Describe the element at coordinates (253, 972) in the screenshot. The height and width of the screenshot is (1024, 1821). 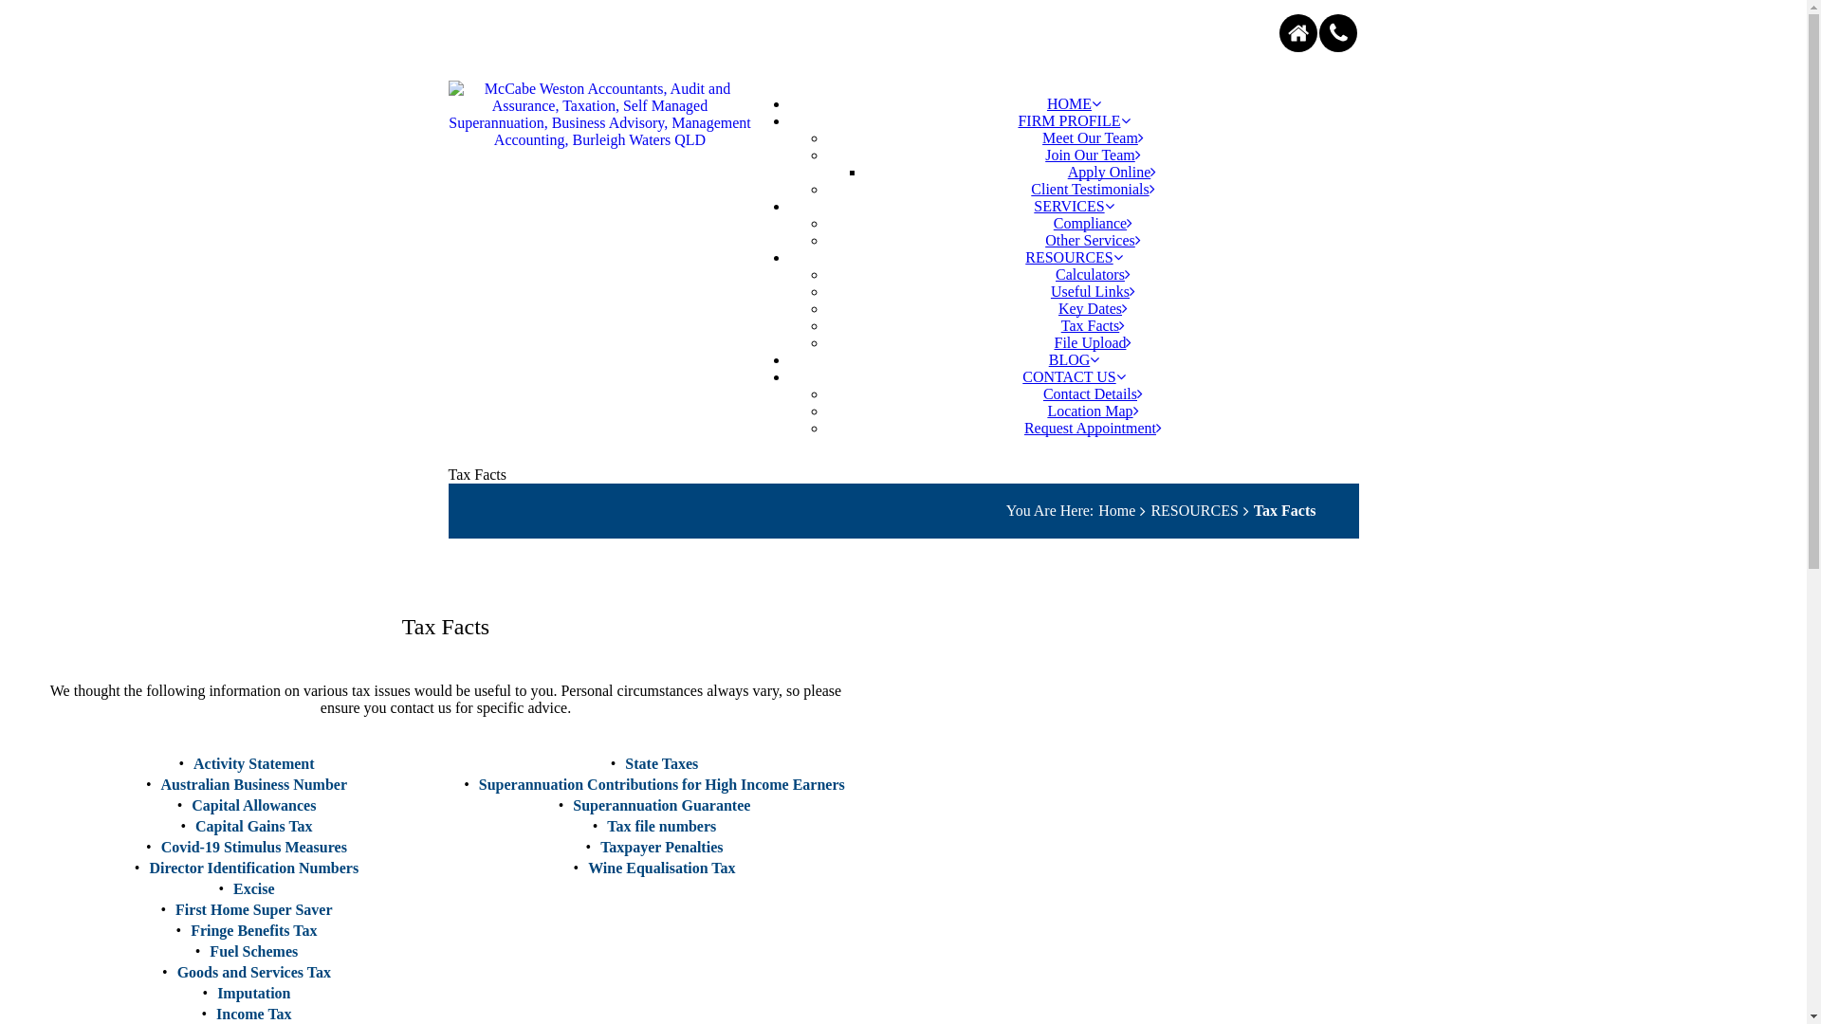
I see `'Goods and Services Tax'` at that location.